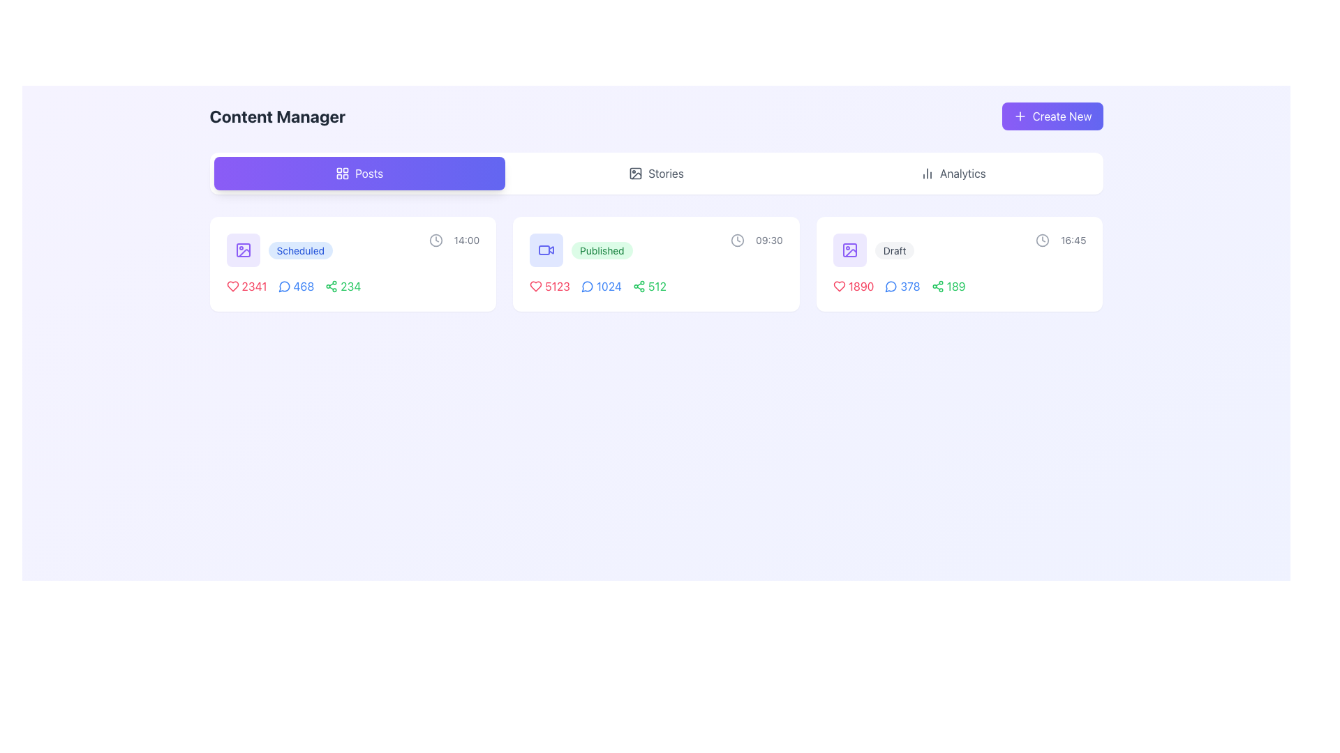 This screenshot has height=753, width=1340. Describe the element at coordinates (546, 249) in the screenshot. I see `the Icon button located` at that location.